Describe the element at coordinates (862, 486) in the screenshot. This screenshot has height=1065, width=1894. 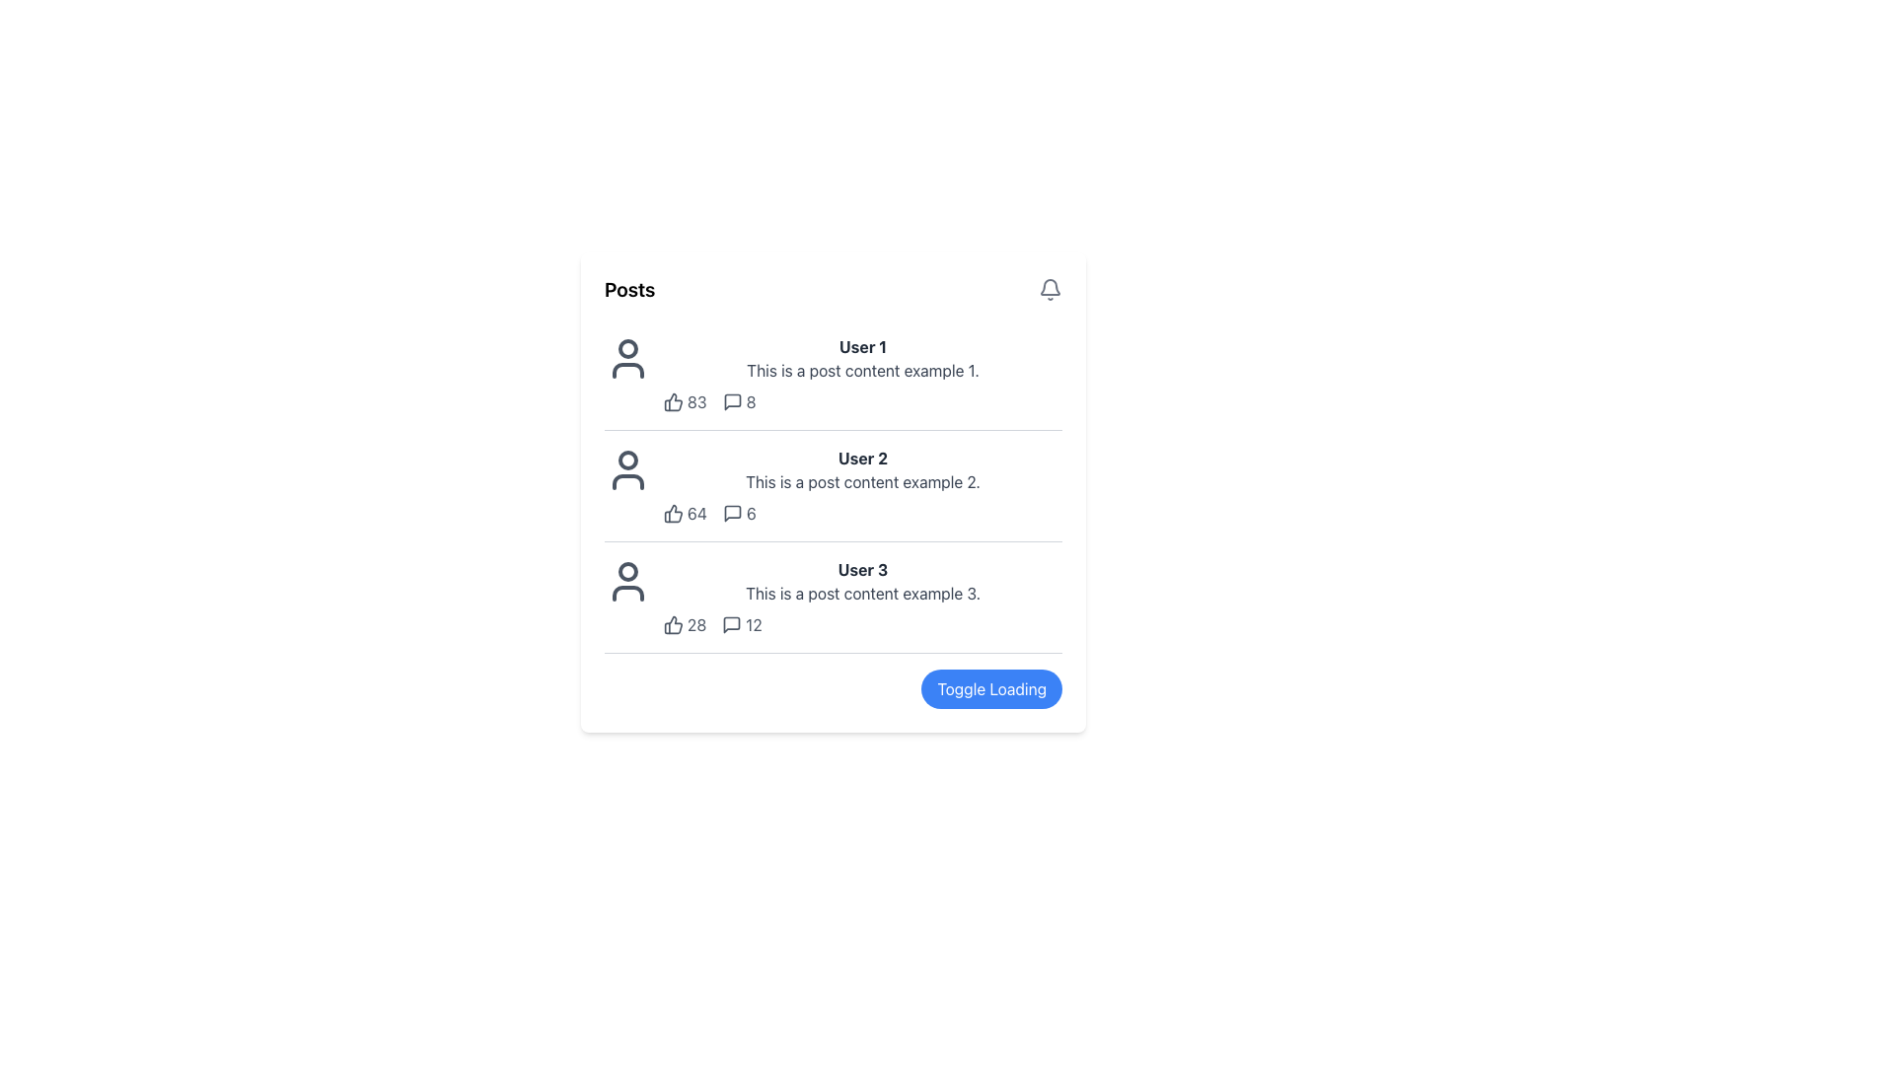
I see `the post created by 'User 2'` at that location.